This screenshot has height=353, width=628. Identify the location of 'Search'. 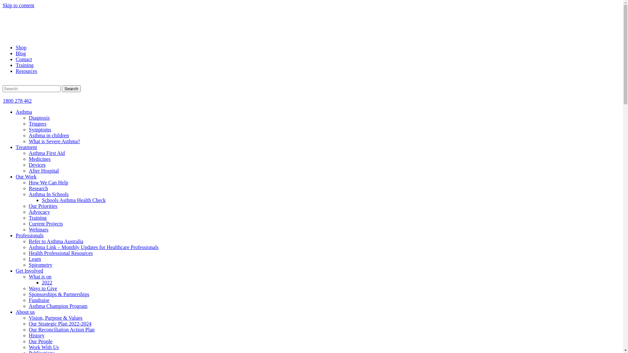
(71, 89).